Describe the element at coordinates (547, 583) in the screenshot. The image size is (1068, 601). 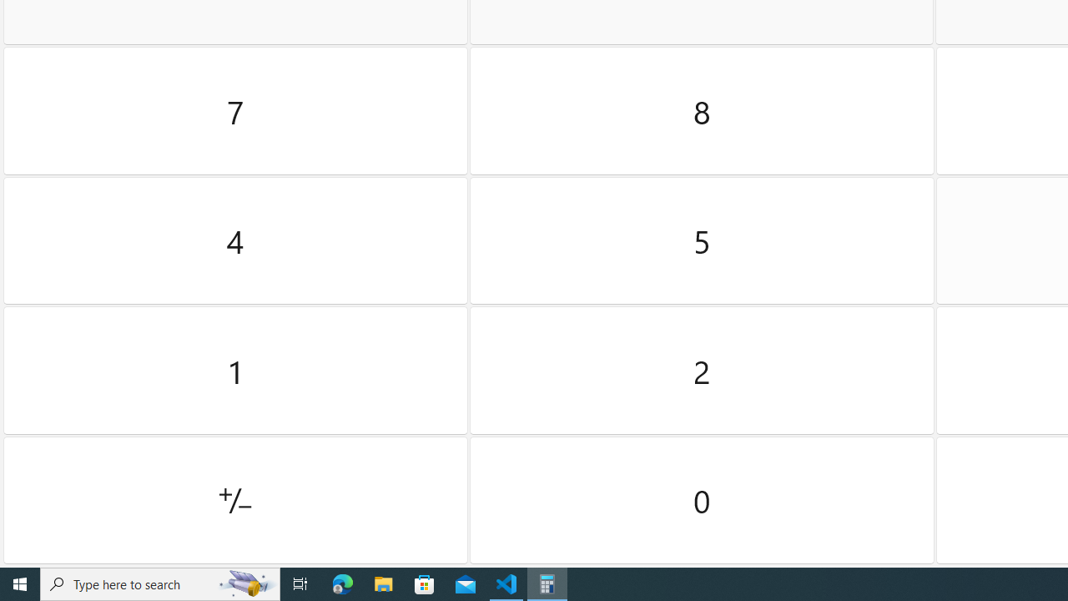
I see `'Calculator - 1 running window'` at that location.